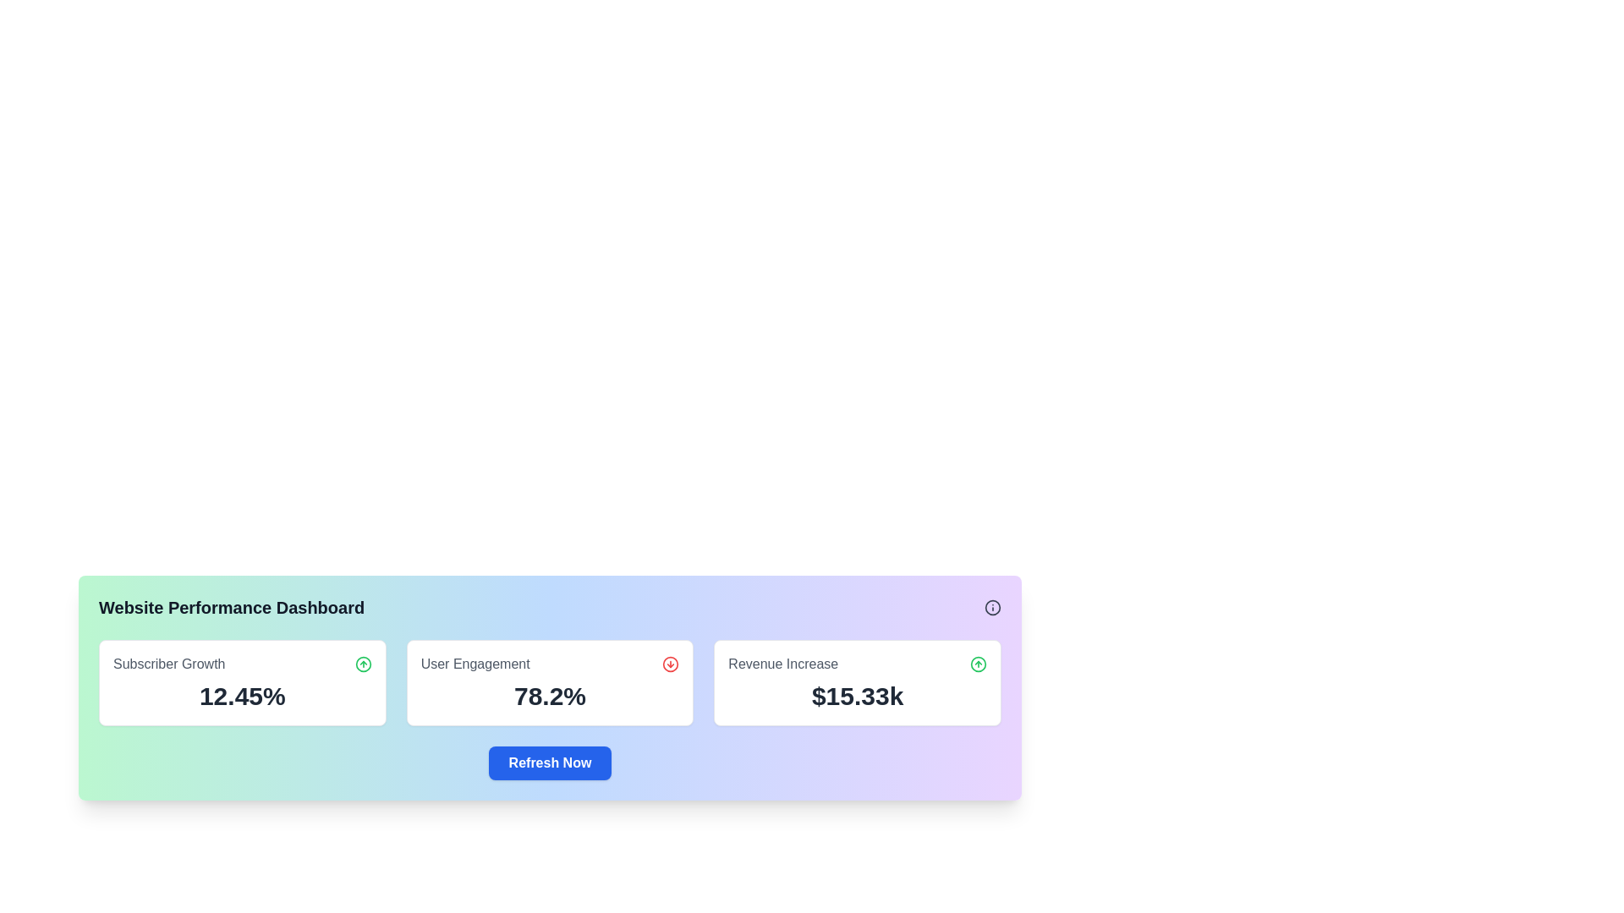  Describe the element at coordinates (993, 606) in the screenshot. I see `the graphic element, a circle in SVG, located at the top right of the card-like dashboard` at that location.